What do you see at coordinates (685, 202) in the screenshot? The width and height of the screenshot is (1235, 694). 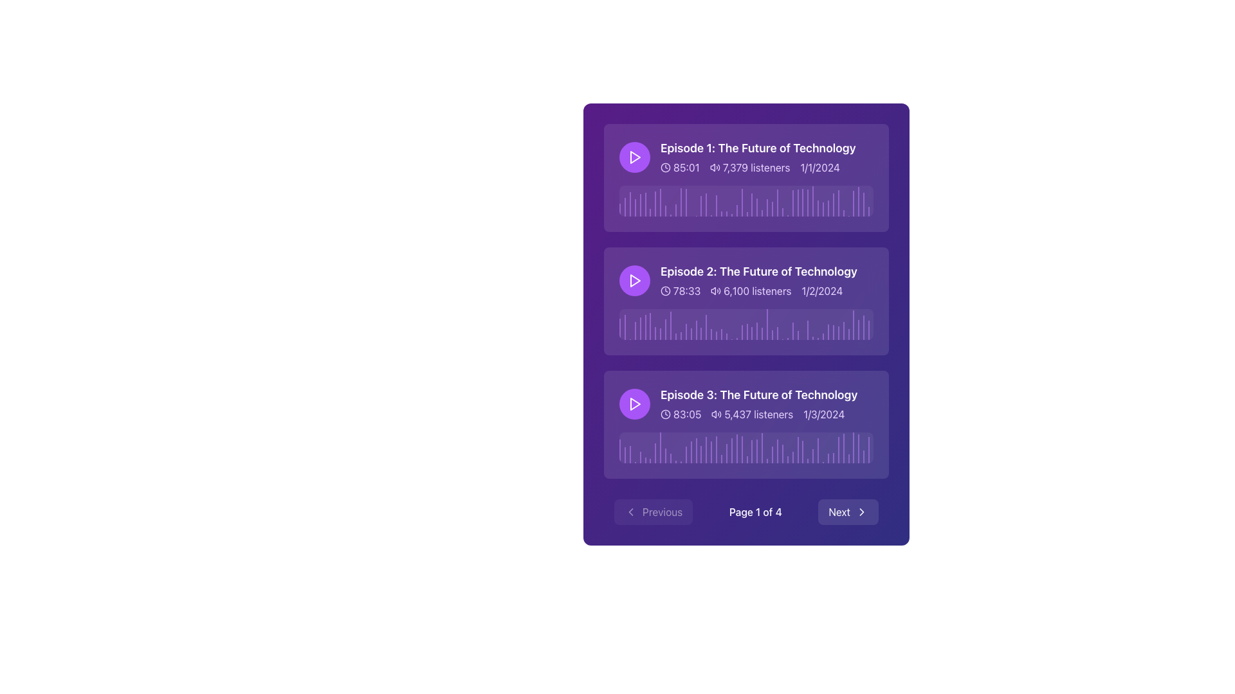 I see `the Progress indicator line representing the current playback position in the audio waveform of 'Episode 1: The Future of Technology'` at bounding box center [685, 202].